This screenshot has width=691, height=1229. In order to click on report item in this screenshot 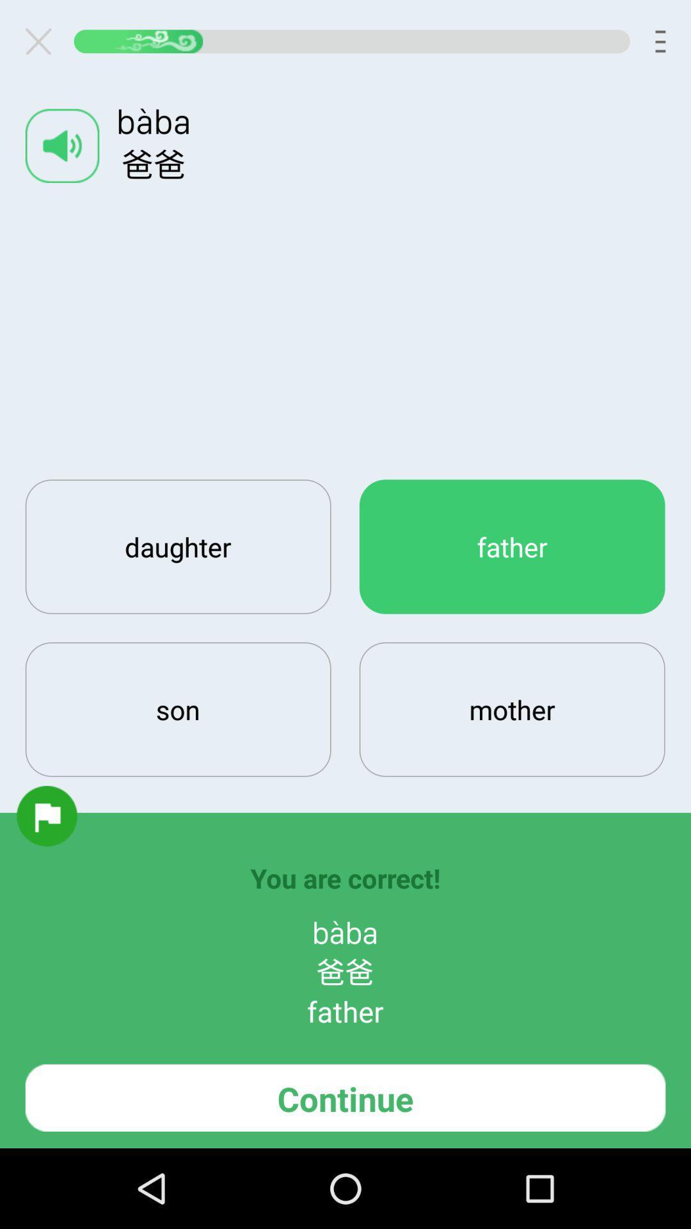, I will do `click(46, 815)`.